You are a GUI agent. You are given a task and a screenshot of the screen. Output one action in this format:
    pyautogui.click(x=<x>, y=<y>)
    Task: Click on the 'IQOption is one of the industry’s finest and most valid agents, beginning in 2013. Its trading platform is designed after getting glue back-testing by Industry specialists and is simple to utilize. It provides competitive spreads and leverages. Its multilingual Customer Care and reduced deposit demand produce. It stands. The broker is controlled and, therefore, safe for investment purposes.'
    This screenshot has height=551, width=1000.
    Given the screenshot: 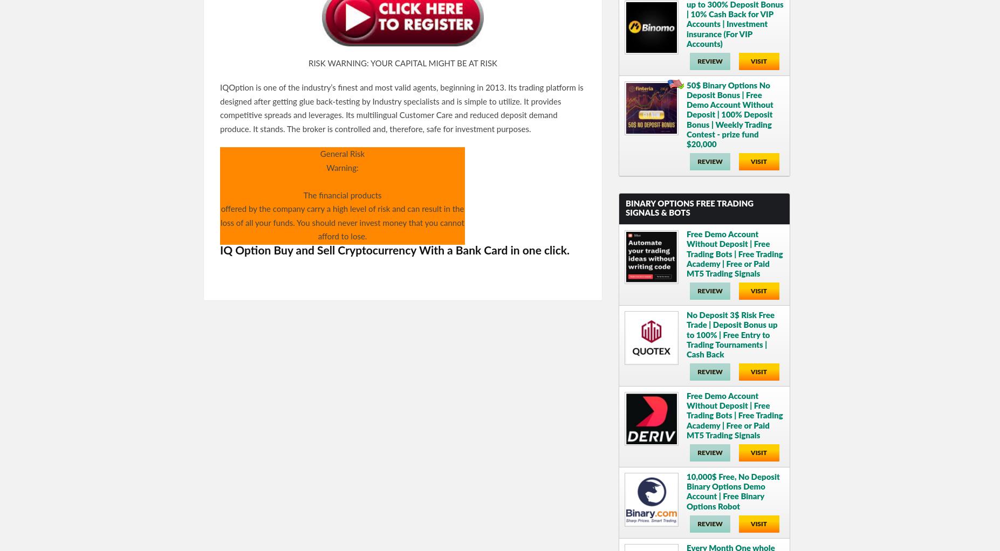 What is the action you would take?
    pyautogui.click(x=401, y=108)
    